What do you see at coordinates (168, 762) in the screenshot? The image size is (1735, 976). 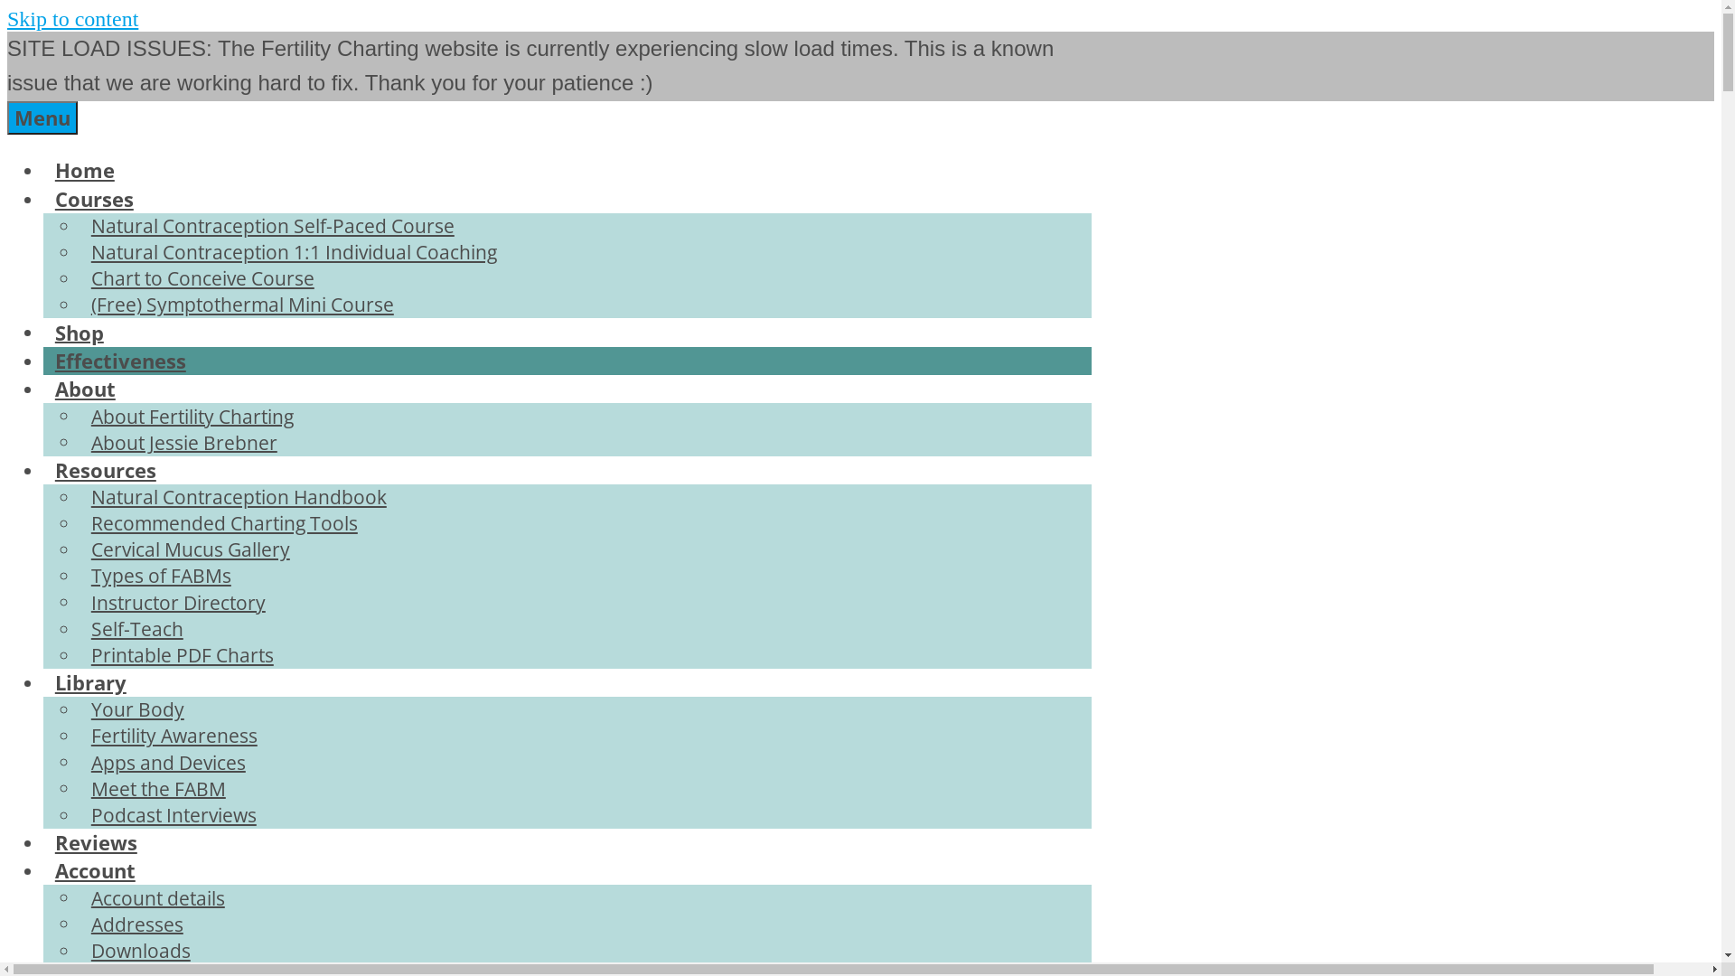 I see `'Apps and Devices'` at bounding box center [168, 762].